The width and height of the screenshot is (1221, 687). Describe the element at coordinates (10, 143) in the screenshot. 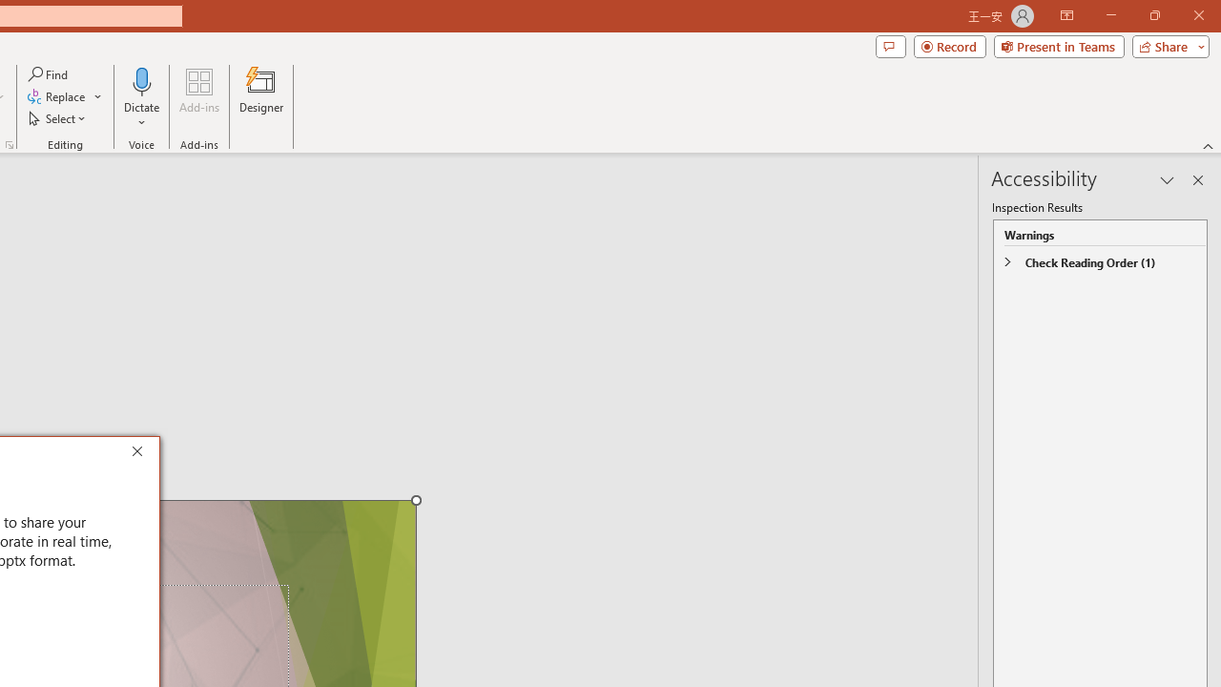

I see `'Format Object...'` at that location.